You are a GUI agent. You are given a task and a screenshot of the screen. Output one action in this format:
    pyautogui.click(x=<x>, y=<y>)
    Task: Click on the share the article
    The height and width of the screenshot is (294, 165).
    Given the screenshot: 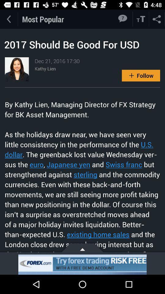 What is the action you would take?
    pyautogui.click(x=157, y=19)
    